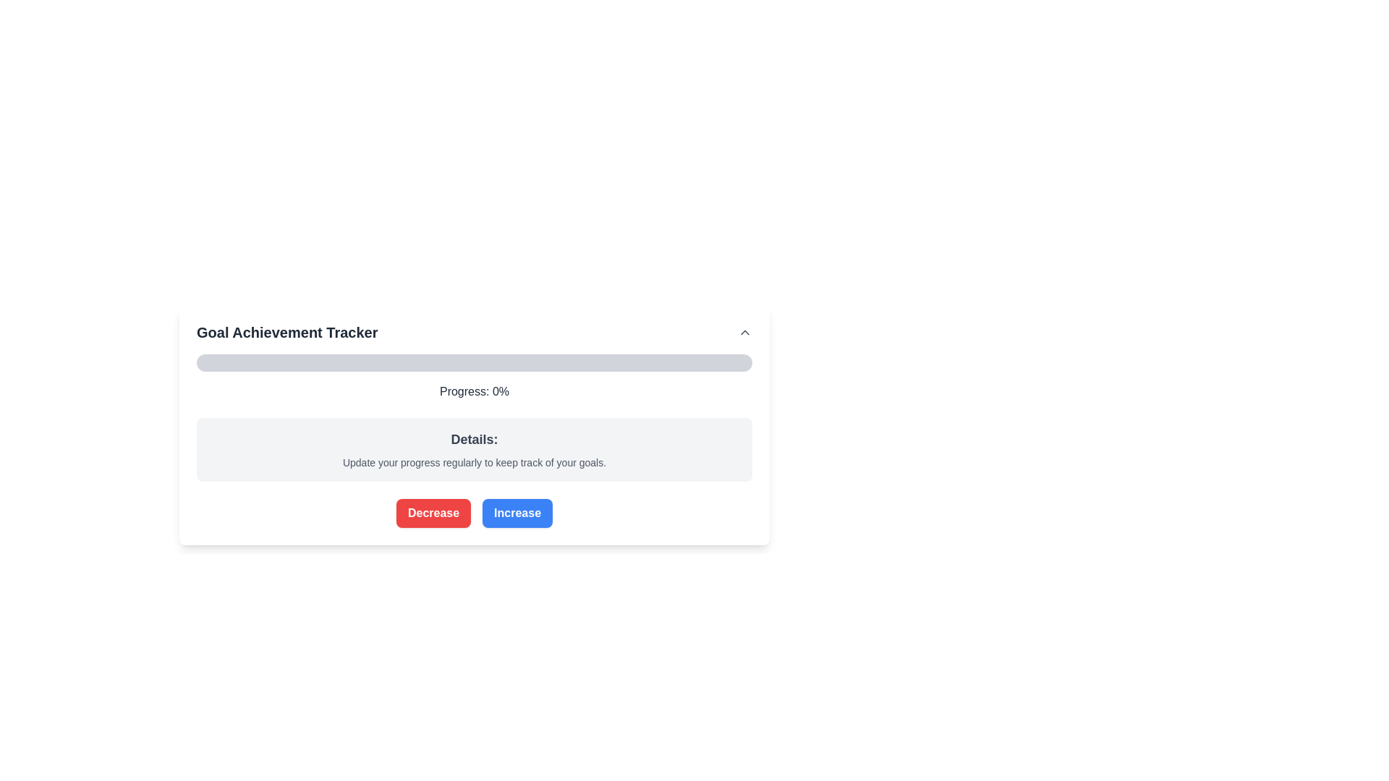 The image size is (1389, 781). Describe the element at coordinates (475, 448) in the screenshot. I see `the informational text block which displays 'Details:' and 'Update your progress regularly to keep track of your goals.'` at that location.